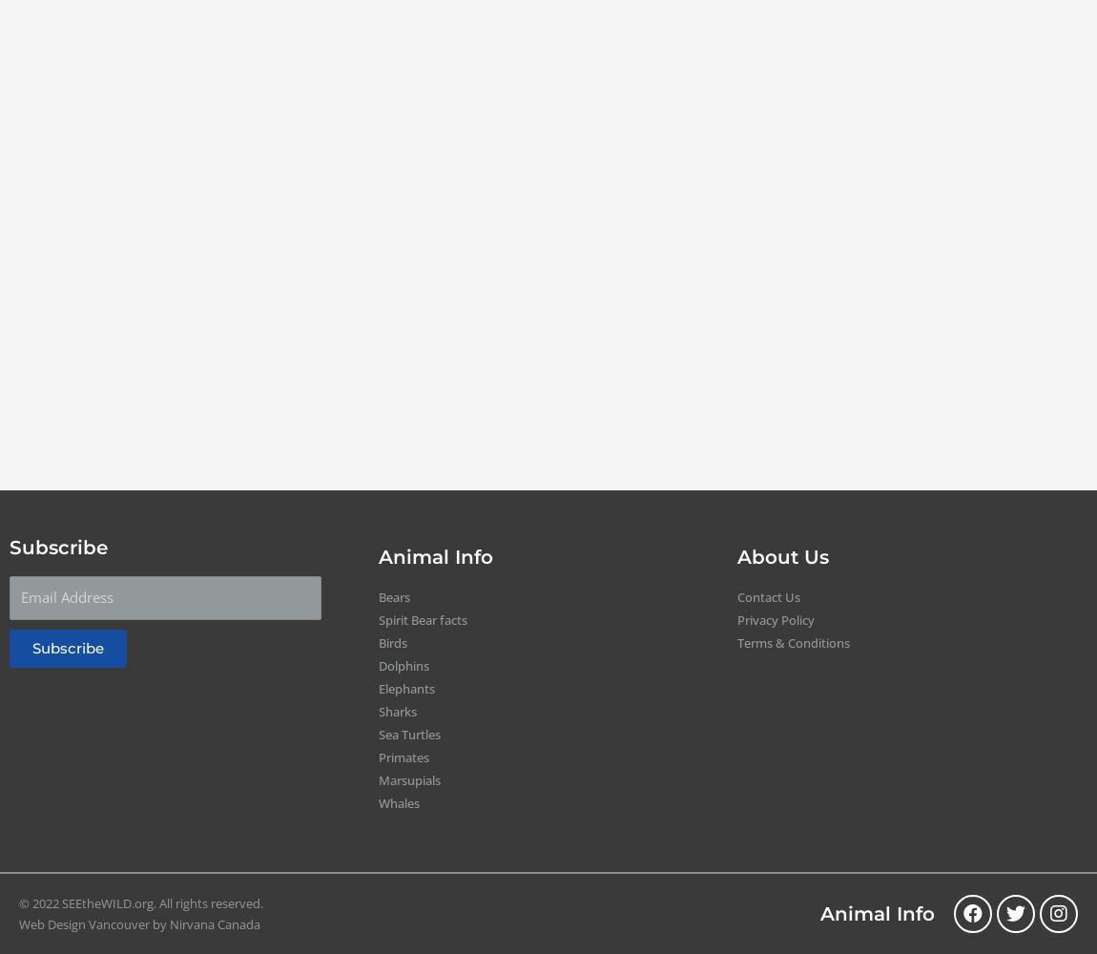 This screenshot has width=1097, height=954. I want to click on 'Elephants', so click(405, 688).